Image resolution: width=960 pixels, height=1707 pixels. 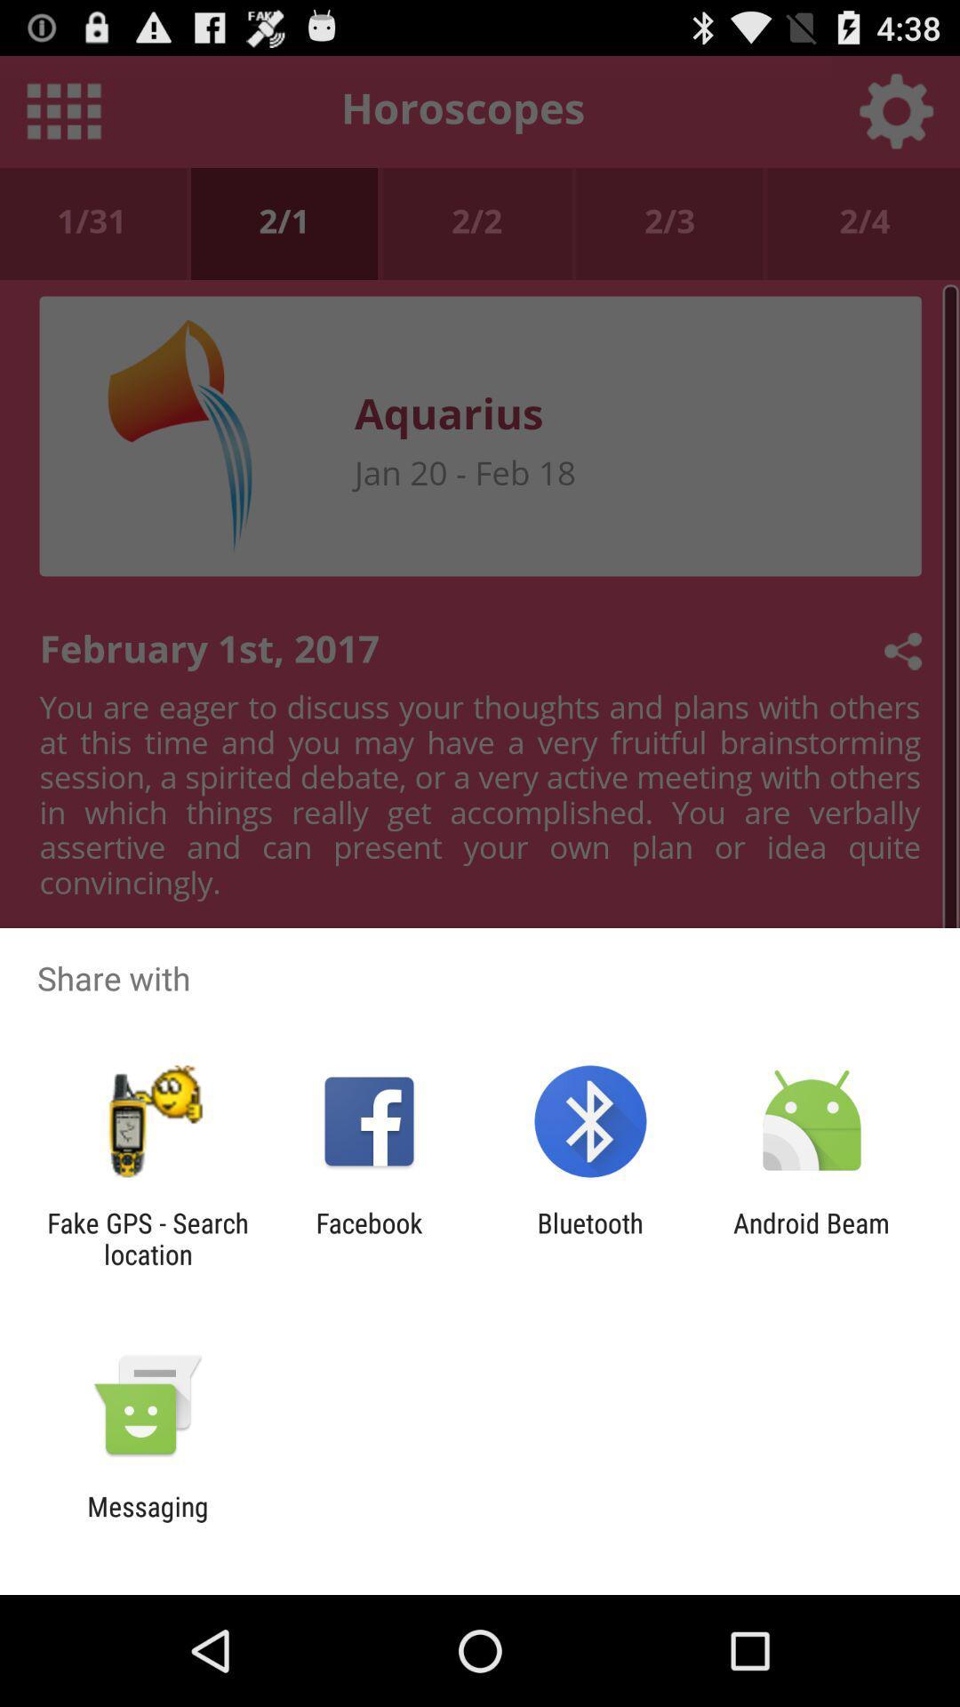 I want to click on the bluetooth app, so click(x=590, y=1238).